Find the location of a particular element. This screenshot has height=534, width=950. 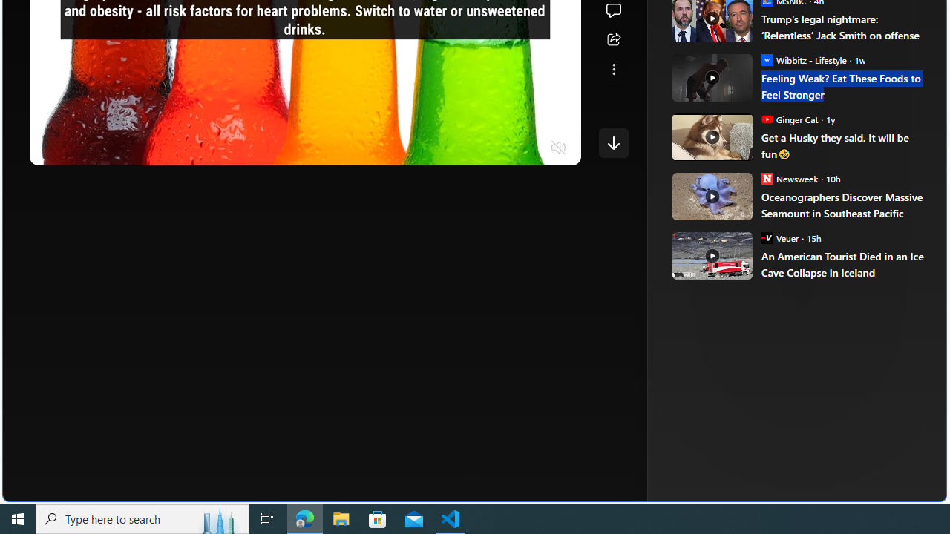

'Seek Back' is located at coordinates (81, 148).